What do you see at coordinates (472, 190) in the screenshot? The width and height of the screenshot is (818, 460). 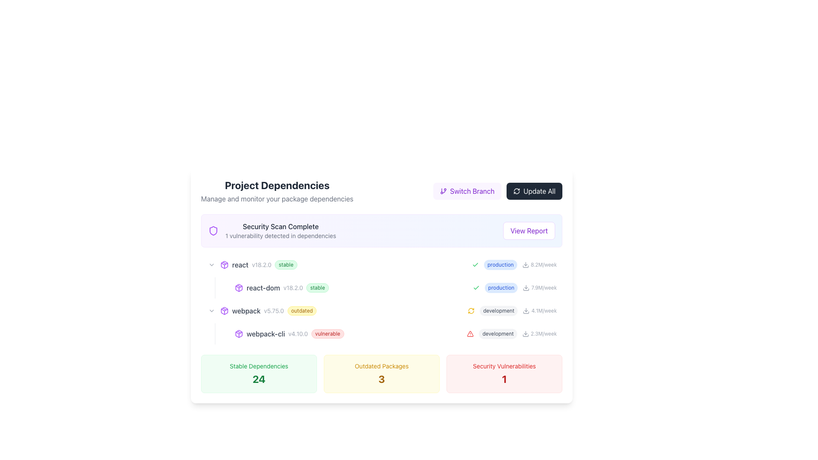 I see `the static text within the interactive button that indicates the option for switching between project or repository branches` at bounding box center [472, 190].